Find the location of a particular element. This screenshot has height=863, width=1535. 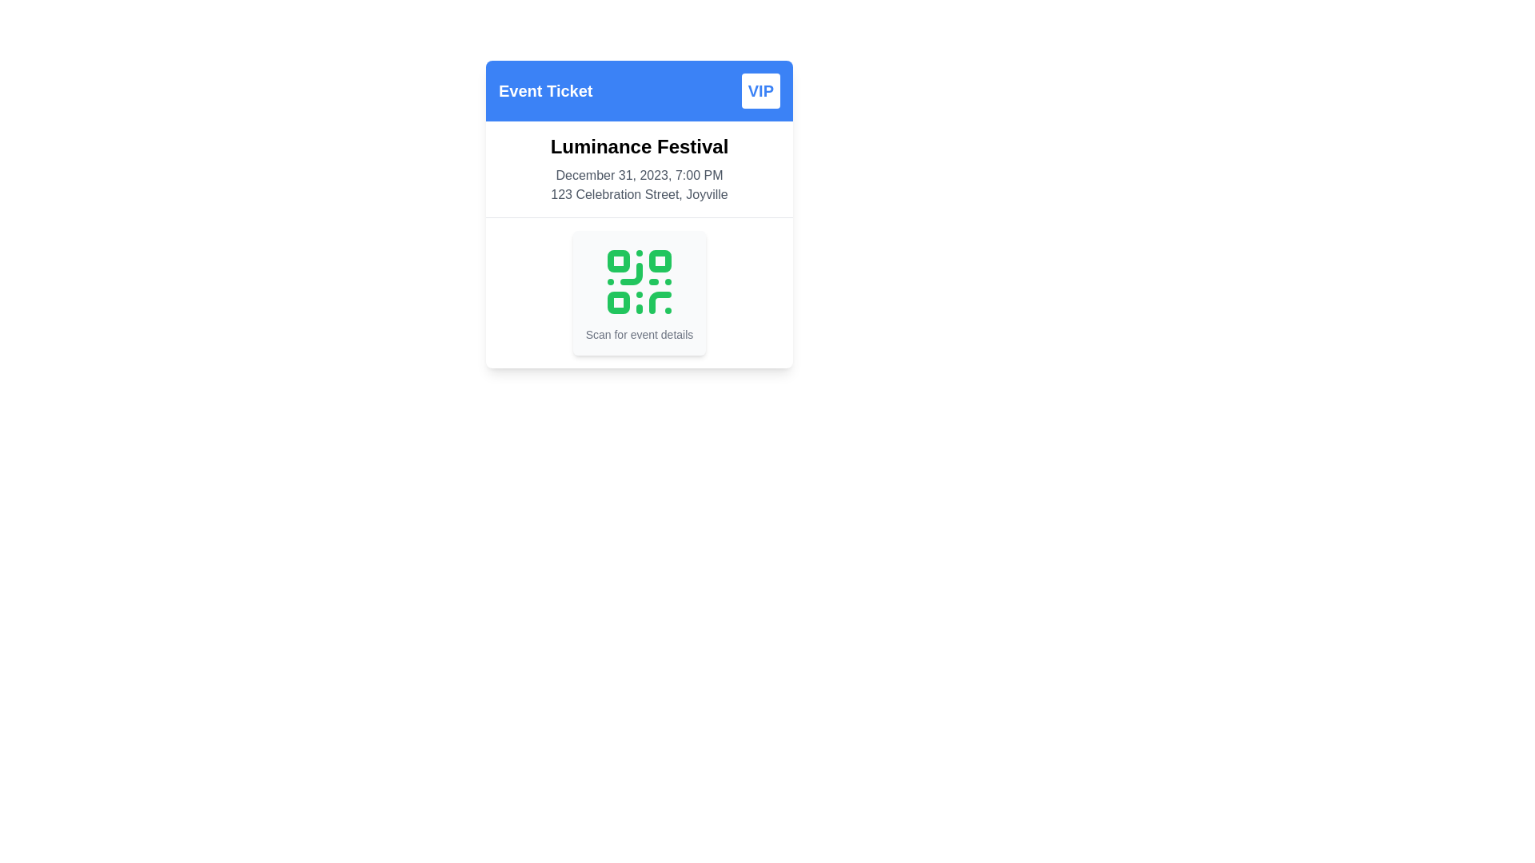

text label displaying 'Event Ticket' in bold white font on a blue background located in the header section is located at coordinates (545, 91).